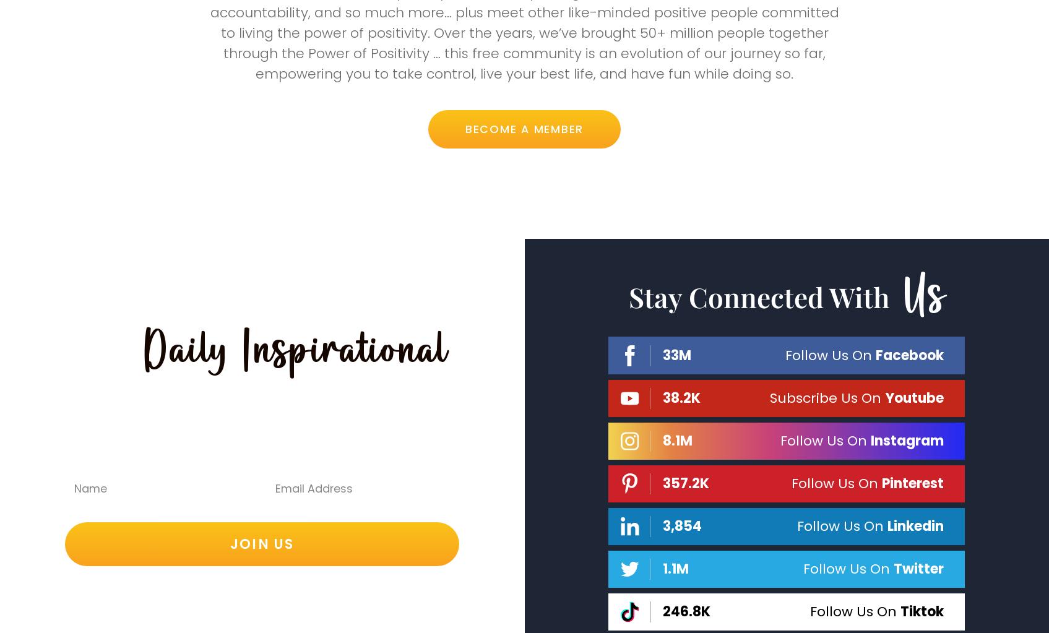 This screenshot has height=633, width=1049. Describe the element at coordinates (682, 551) in the screenshot. I see `'3,854'` at that location.